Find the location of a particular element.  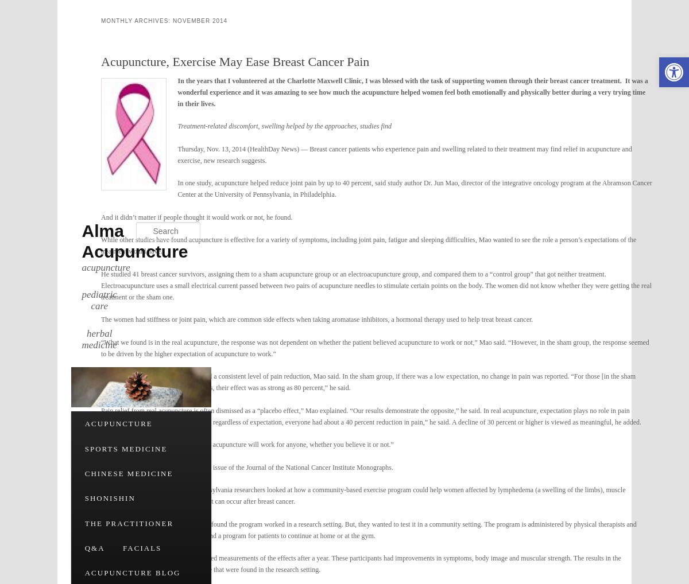

'November 2014' is located at coordinates (200, 20).